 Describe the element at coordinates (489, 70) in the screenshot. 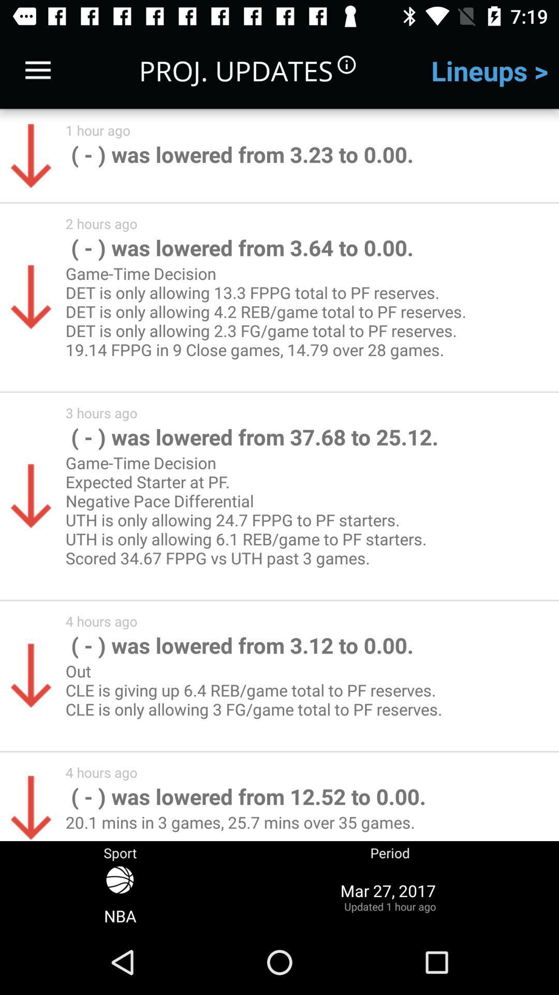

I see `lineups >` at that location.